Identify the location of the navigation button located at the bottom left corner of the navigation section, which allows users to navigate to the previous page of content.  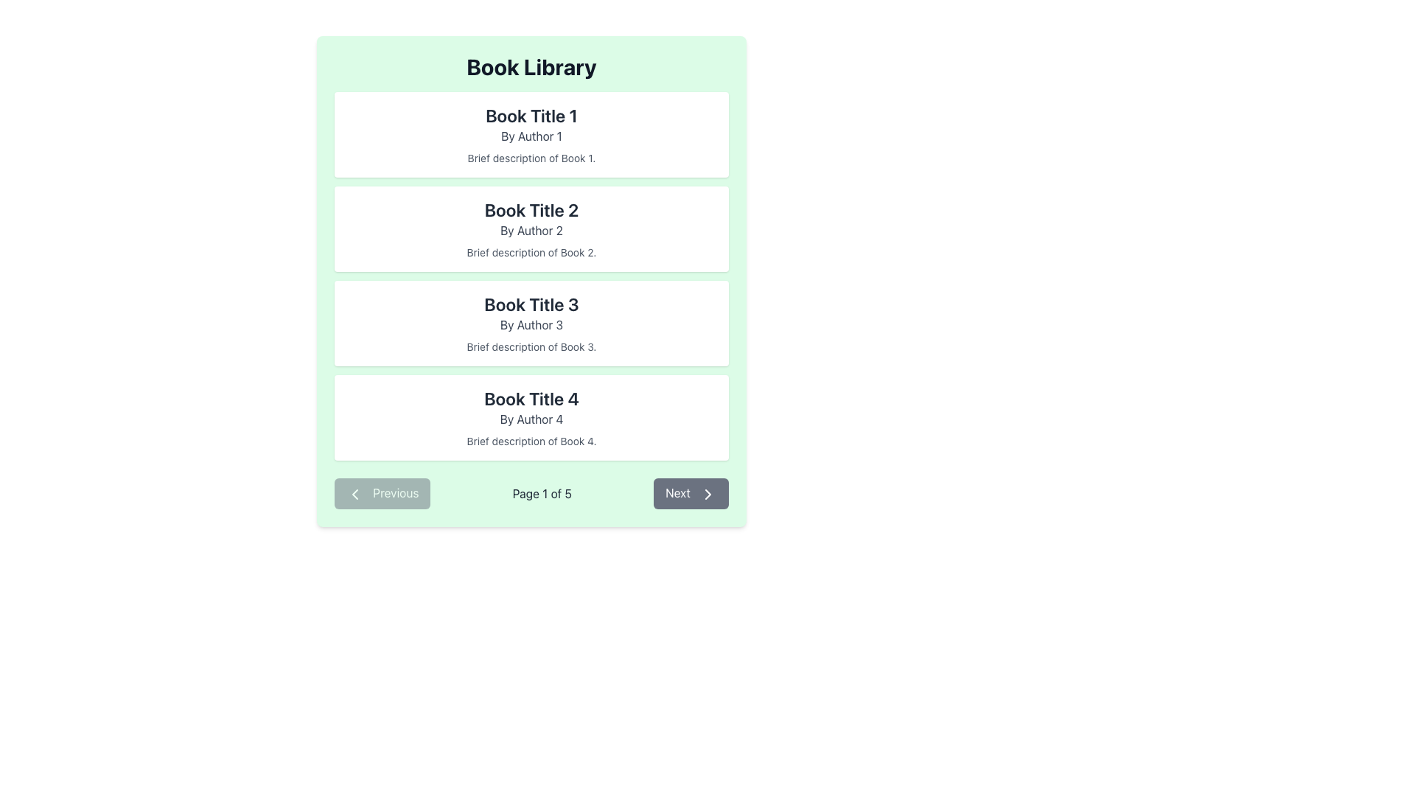
(382, 493).